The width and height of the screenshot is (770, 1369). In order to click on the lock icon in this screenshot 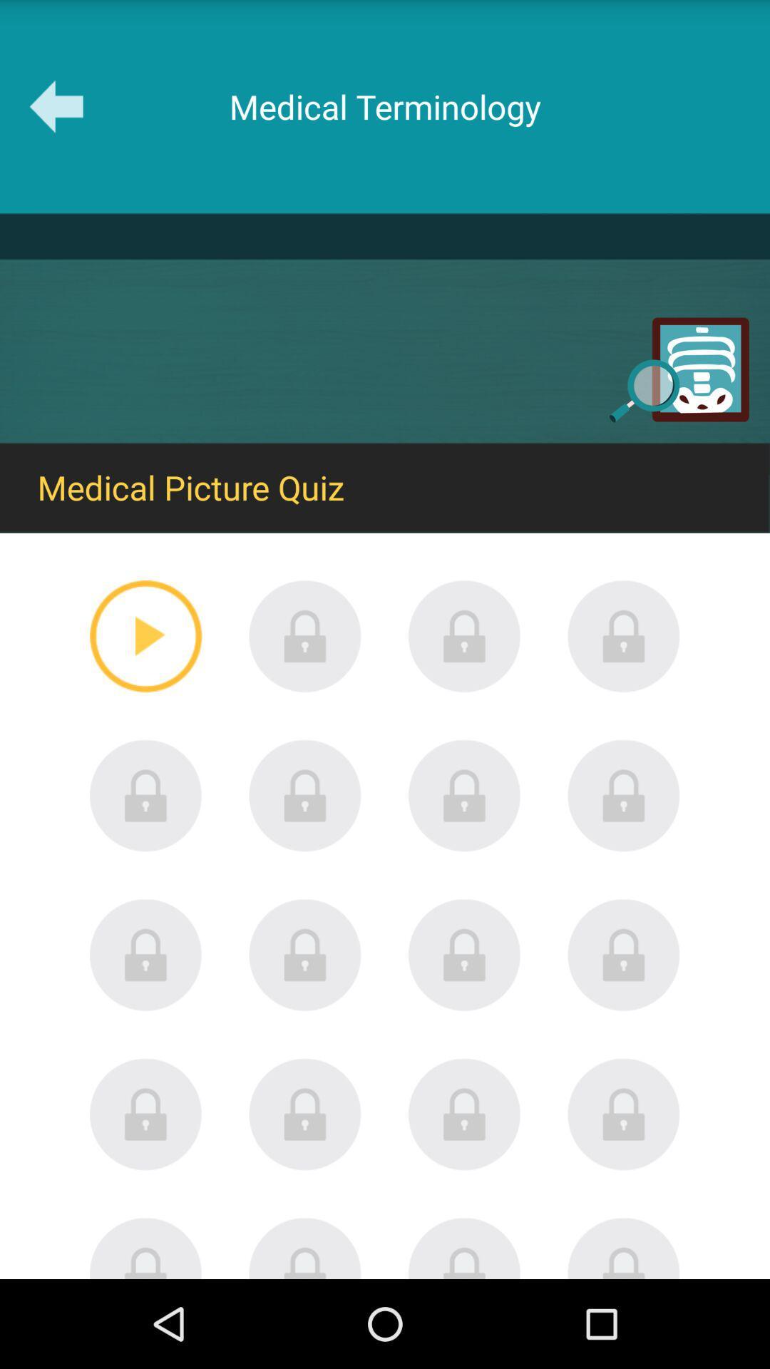, I will do `click(464, 851)`.